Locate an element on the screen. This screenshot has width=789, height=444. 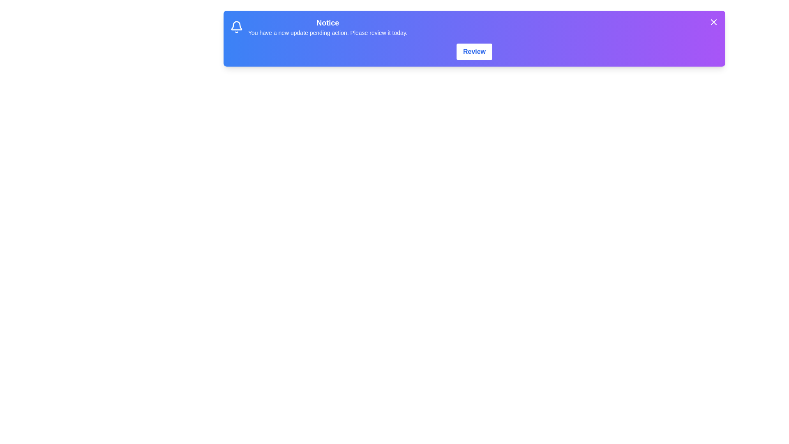
the bell icon located at the top-left corner of the gradient blue notification bar, which indicates notifications or alerts is located at coordinates (236, 26).